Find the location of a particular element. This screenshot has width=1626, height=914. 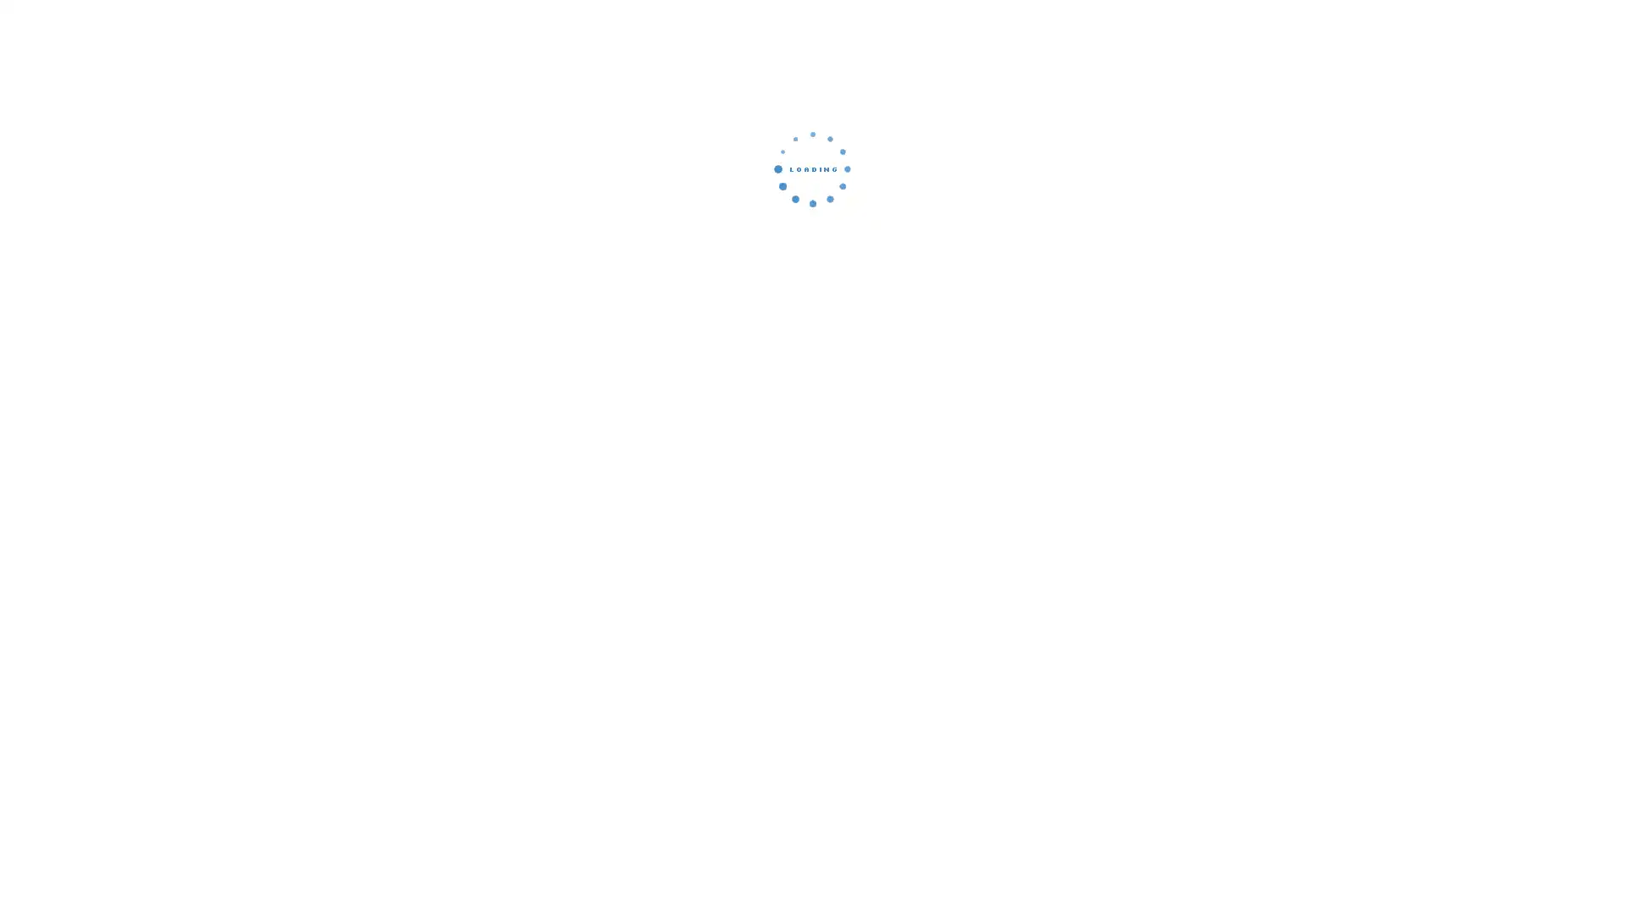

Continue is located at coordinates (813, 284).